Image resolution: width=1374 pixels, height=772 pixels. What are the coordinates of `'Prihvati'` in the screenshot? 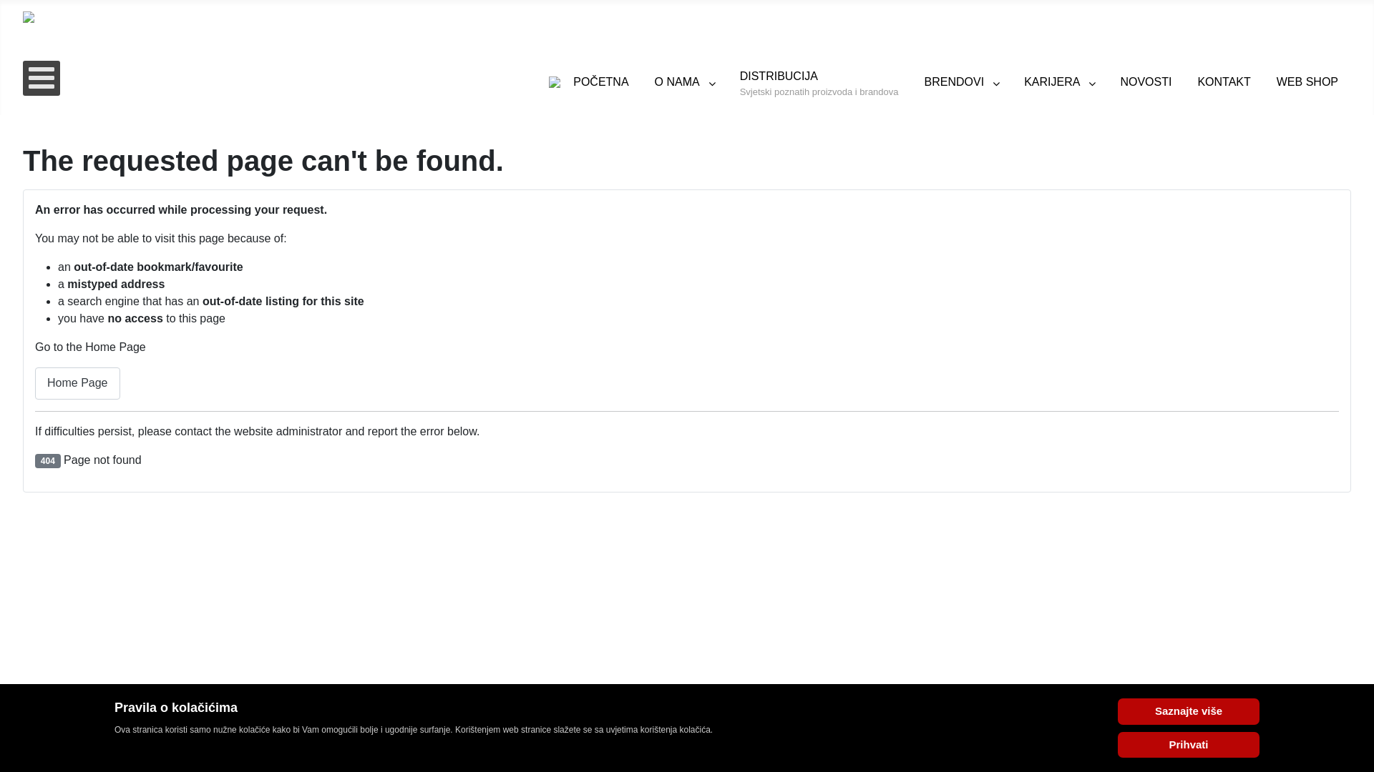 It's located at (1188, 744).